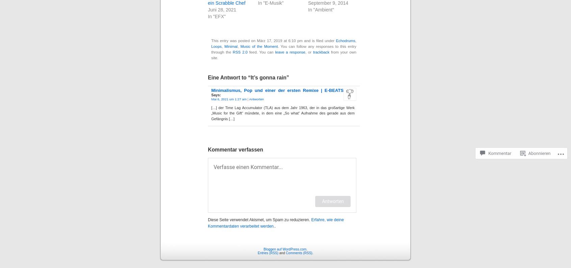 The height and width of the screenshot is (268, 571). I want to click on 'Minimal', so click(224, 45).